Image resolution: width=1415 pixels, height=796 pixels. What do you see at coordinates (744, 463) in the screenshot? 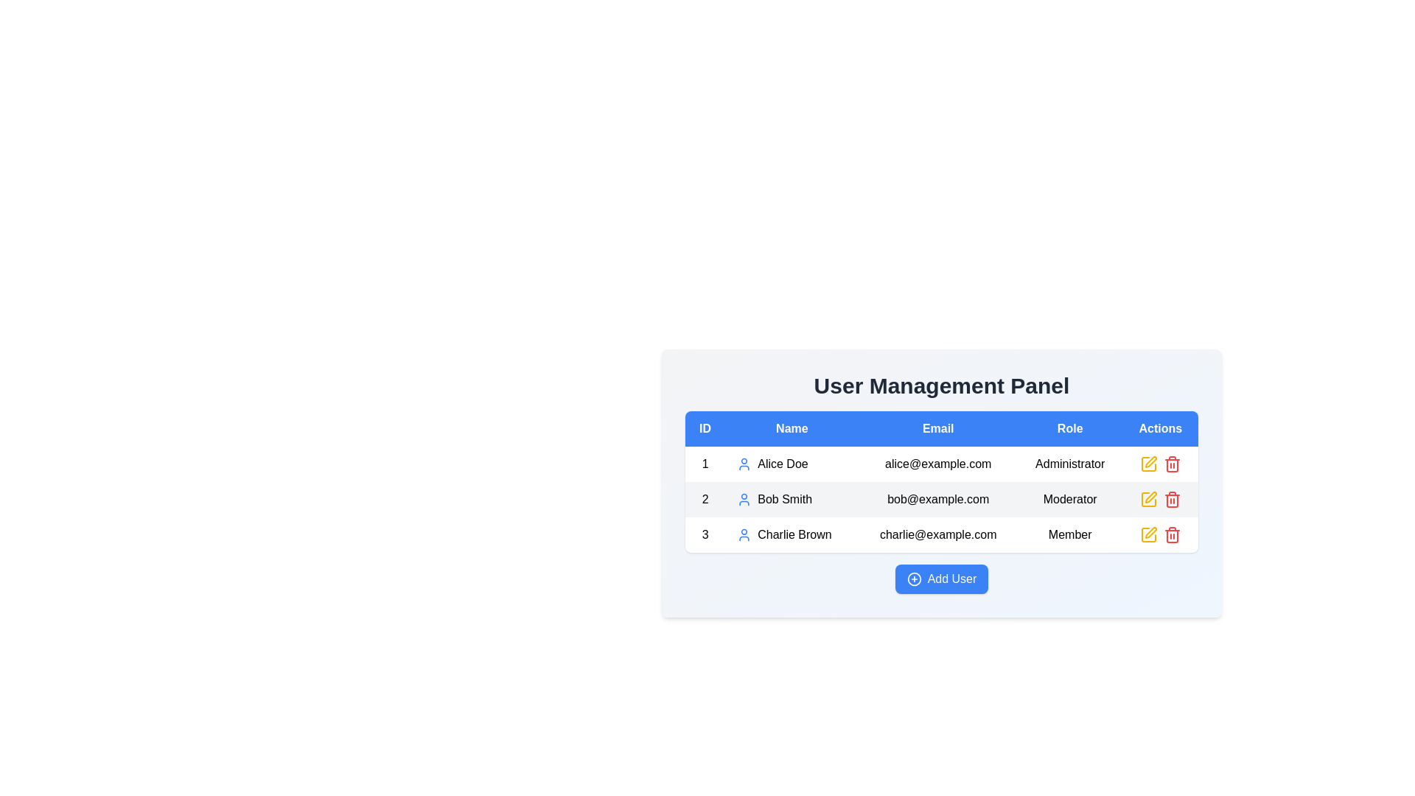
I see `the user icon located in the first row of the 'Name' column, which is adjacent to the text 'Alice Doe'` at bounding box center [744, 463].